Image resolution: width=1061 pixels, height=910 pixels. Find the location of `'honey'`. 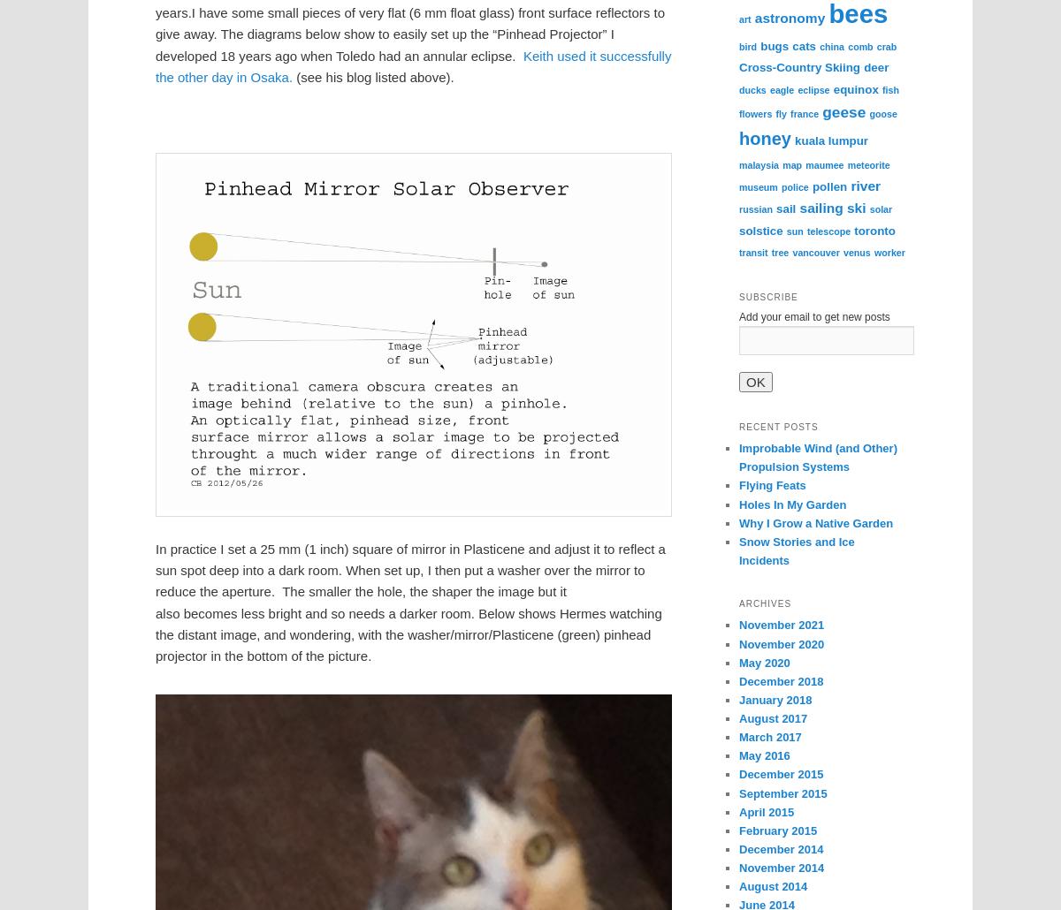

'honey' is located at coordinates (763, 137).